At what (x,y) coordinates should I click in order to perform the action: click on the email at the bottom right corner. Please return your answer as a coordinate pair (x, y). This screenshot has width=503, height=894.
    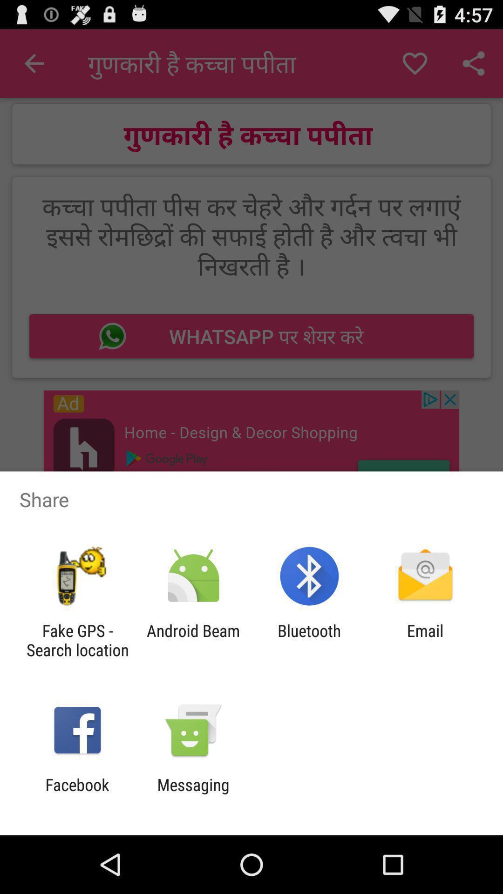
    Looking at the image, I should click on (425, 640).